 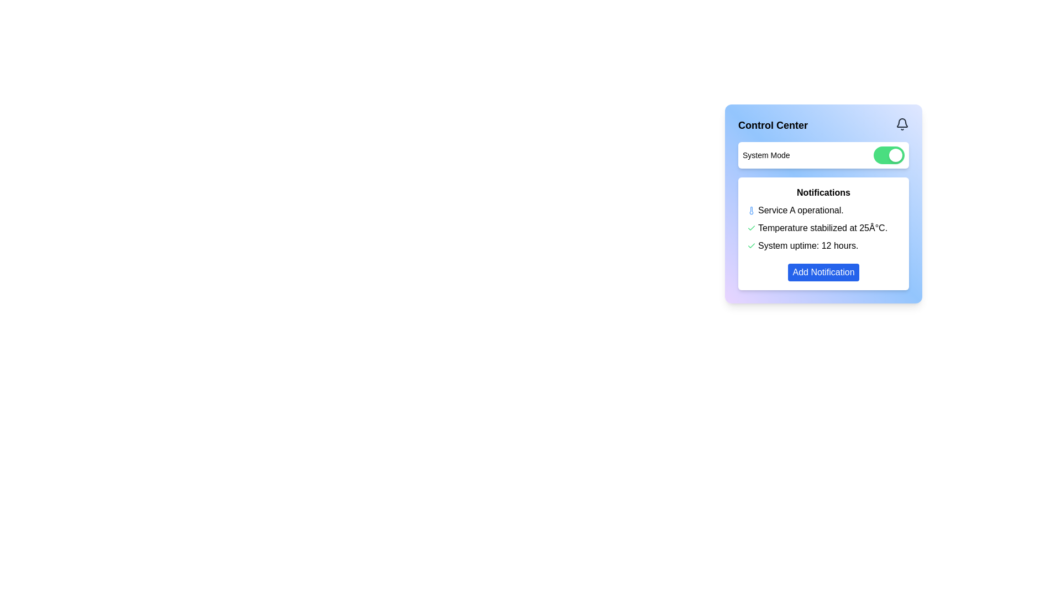 What do you see at coordinates (823, 227) in the screenshot?
I see `the static informational text block displaying the operational state, temperature, and system uptime located in the notifications section of the interface, positioned below the 'Notifications' header and above the 'Add Notification' button` at bounding box center [823, 227].